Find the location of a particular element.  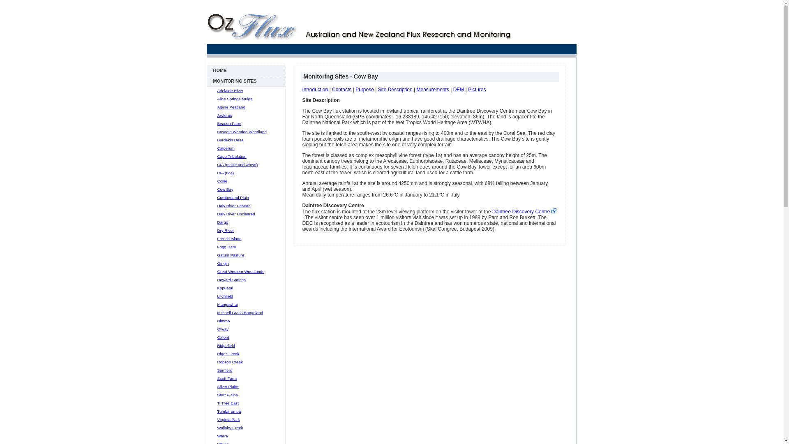

'Kopuatai' is located at coordinates (225, 287).